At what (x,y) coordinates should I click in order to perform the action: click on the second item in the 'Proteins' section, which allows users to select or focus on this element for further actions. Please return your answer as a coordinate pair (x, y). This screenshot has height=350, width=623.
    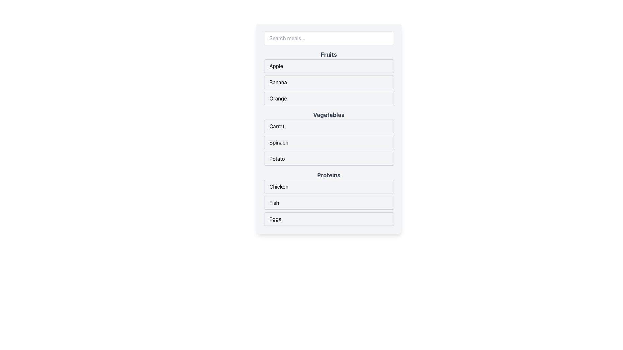
    Looking at the image, I should click on (329, 202).